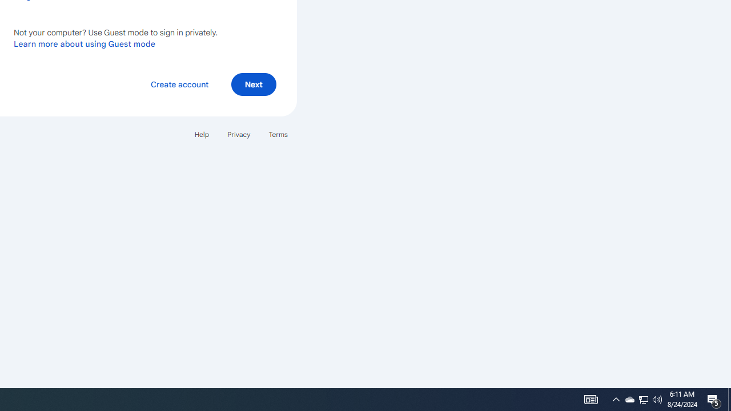 Image resolution: width=731 pixels, height=411 pixels. What do you see at coordinates (253, 83) in the screenshot?
I see `'Next'` at bounding box center [253, 83].